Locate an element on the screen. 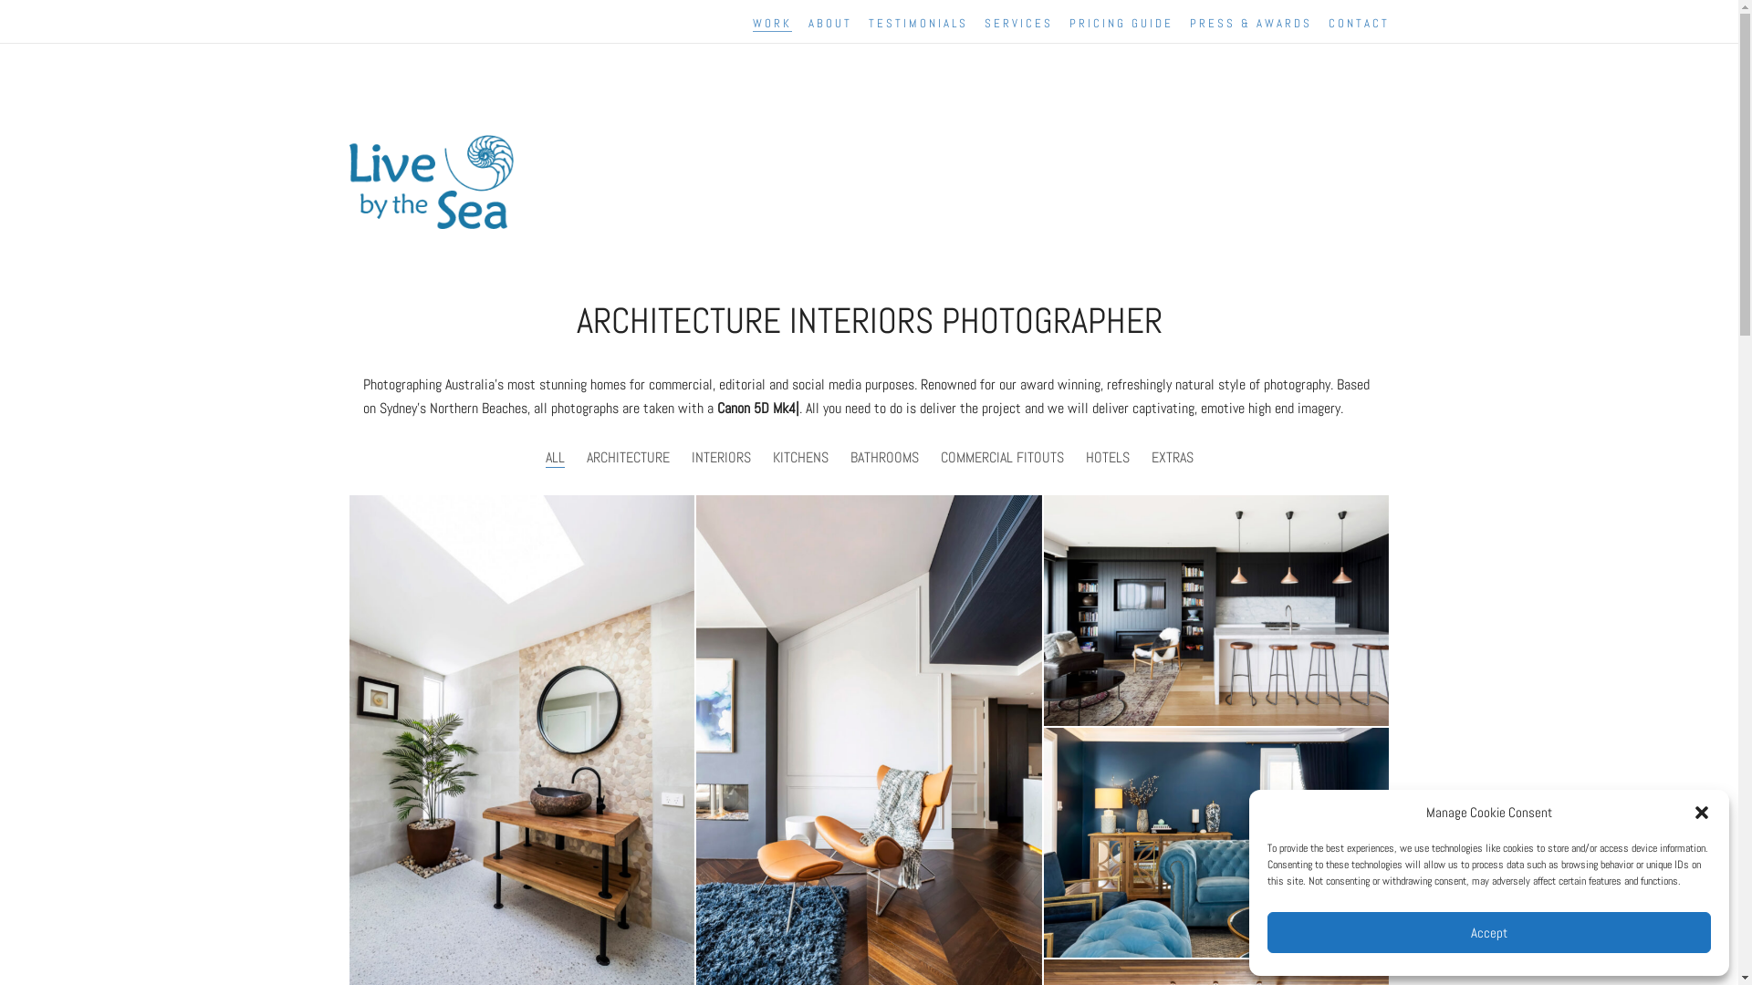 Image resolution: width=1752 pixels, height=985 pixels. 'ALL' is located at coordinates (554, 456).